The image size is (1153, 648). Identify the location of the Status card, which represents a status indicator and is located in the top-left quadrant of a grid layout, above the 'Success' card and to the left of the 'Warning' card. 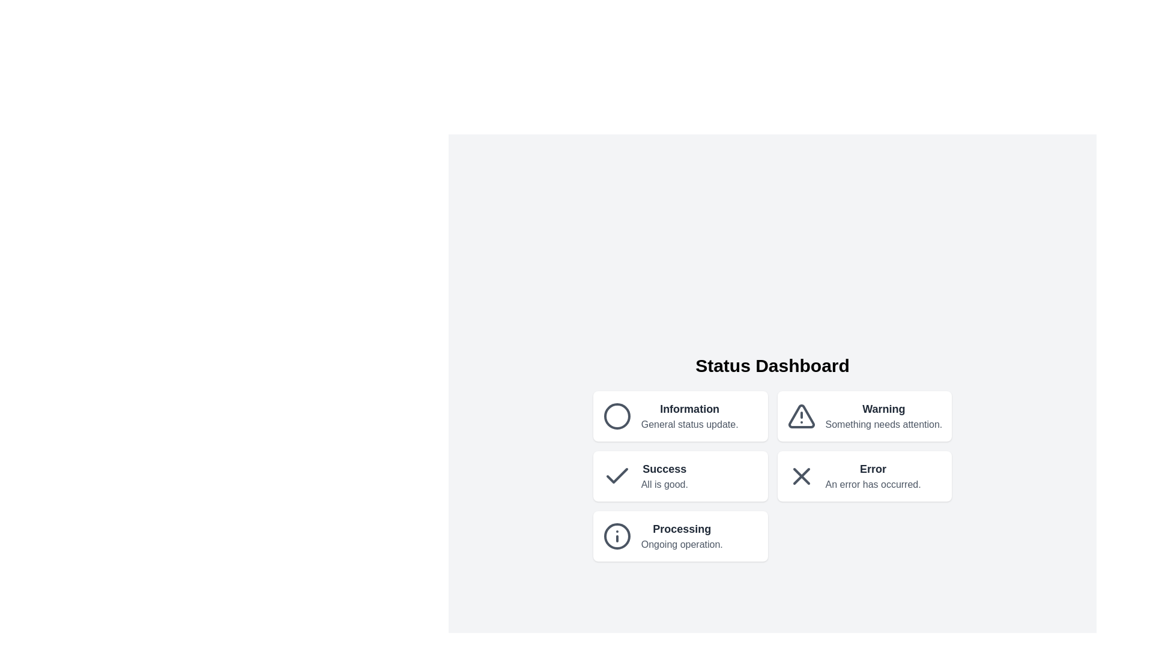
(680, 416).